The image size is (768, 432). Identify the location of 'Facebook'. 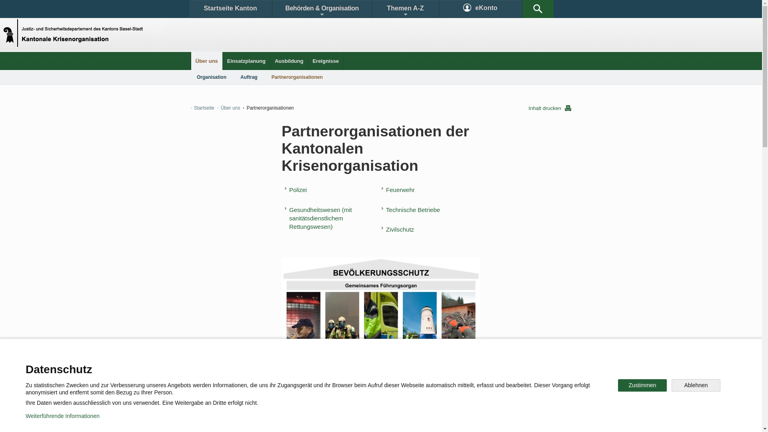
(267, 393).